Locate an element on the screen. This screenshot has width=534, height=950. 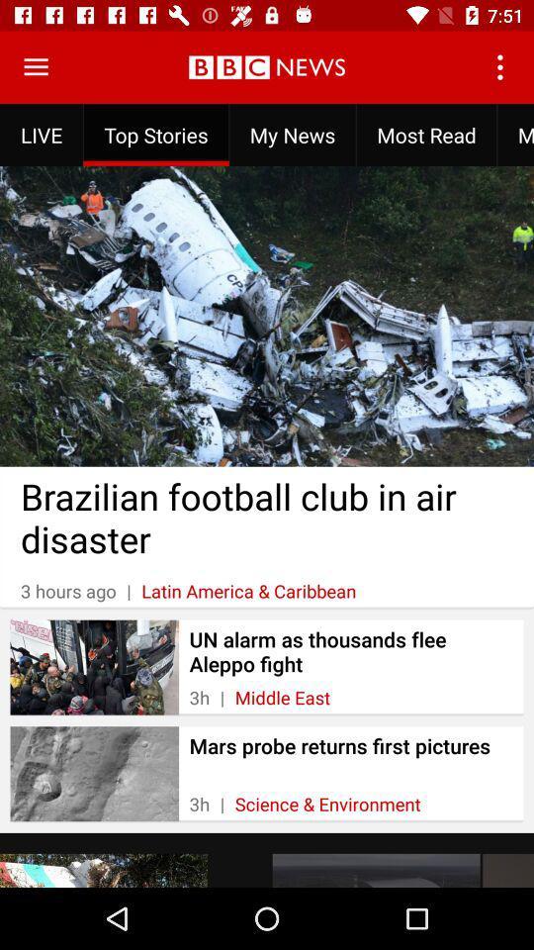
the science & environment item is located at coordinates (327, 804).